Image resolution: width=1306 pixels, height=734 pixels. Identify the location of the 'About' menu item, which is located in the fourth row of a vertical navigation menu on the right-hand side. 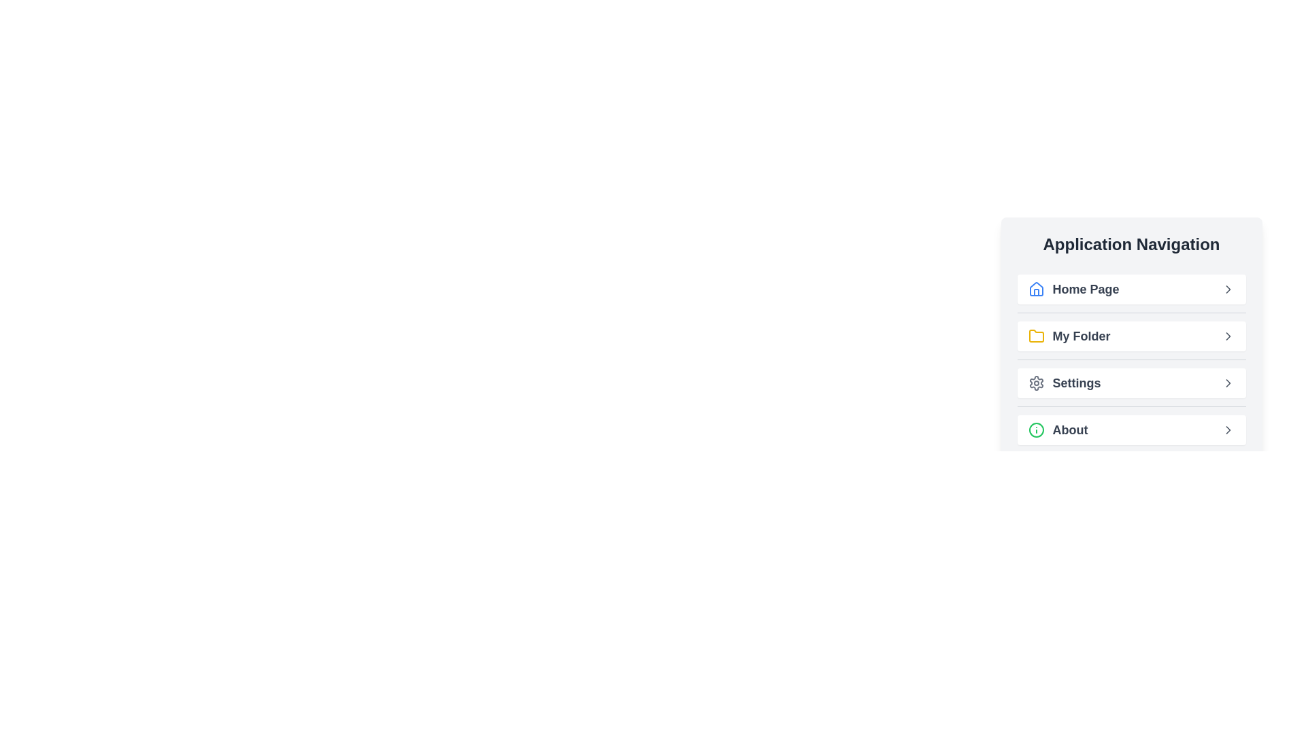
(1057, 430).